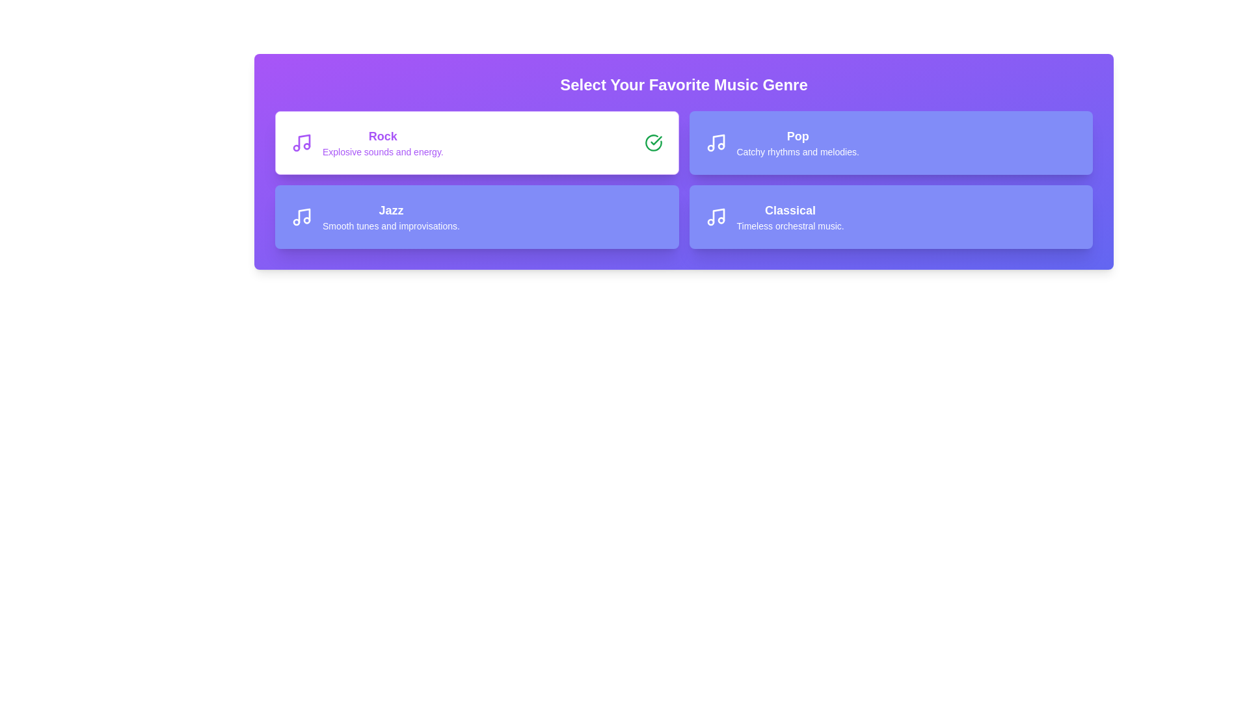 The width and height of the screenshot is (1249, 702). I want to click on the graphical checkmark icon with a green stroke, so click(656, 140).